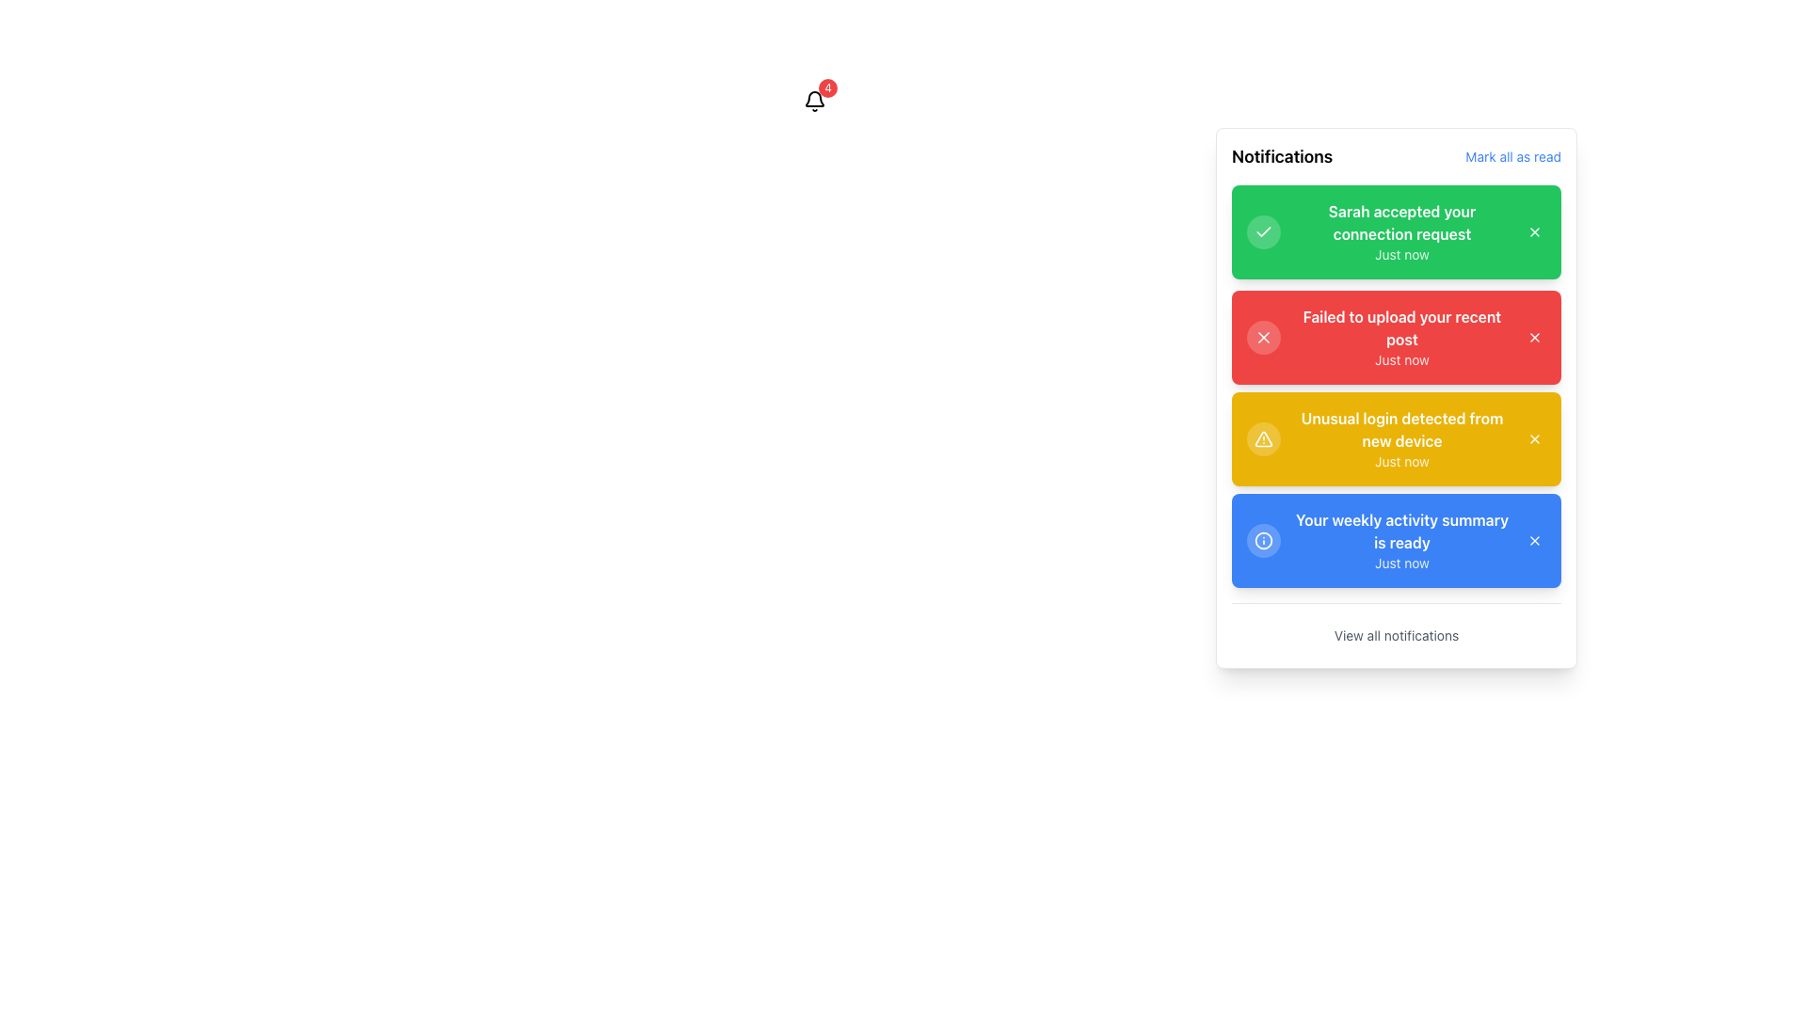 The height and width of the screenshot is (1016, 1807). What do you see at coordinates (1535, 540) in the screenshot?
I see `the dismiss button with an 'X' icon located at the top-right corner of the blue notification card` at bounding box center [1535, 540].